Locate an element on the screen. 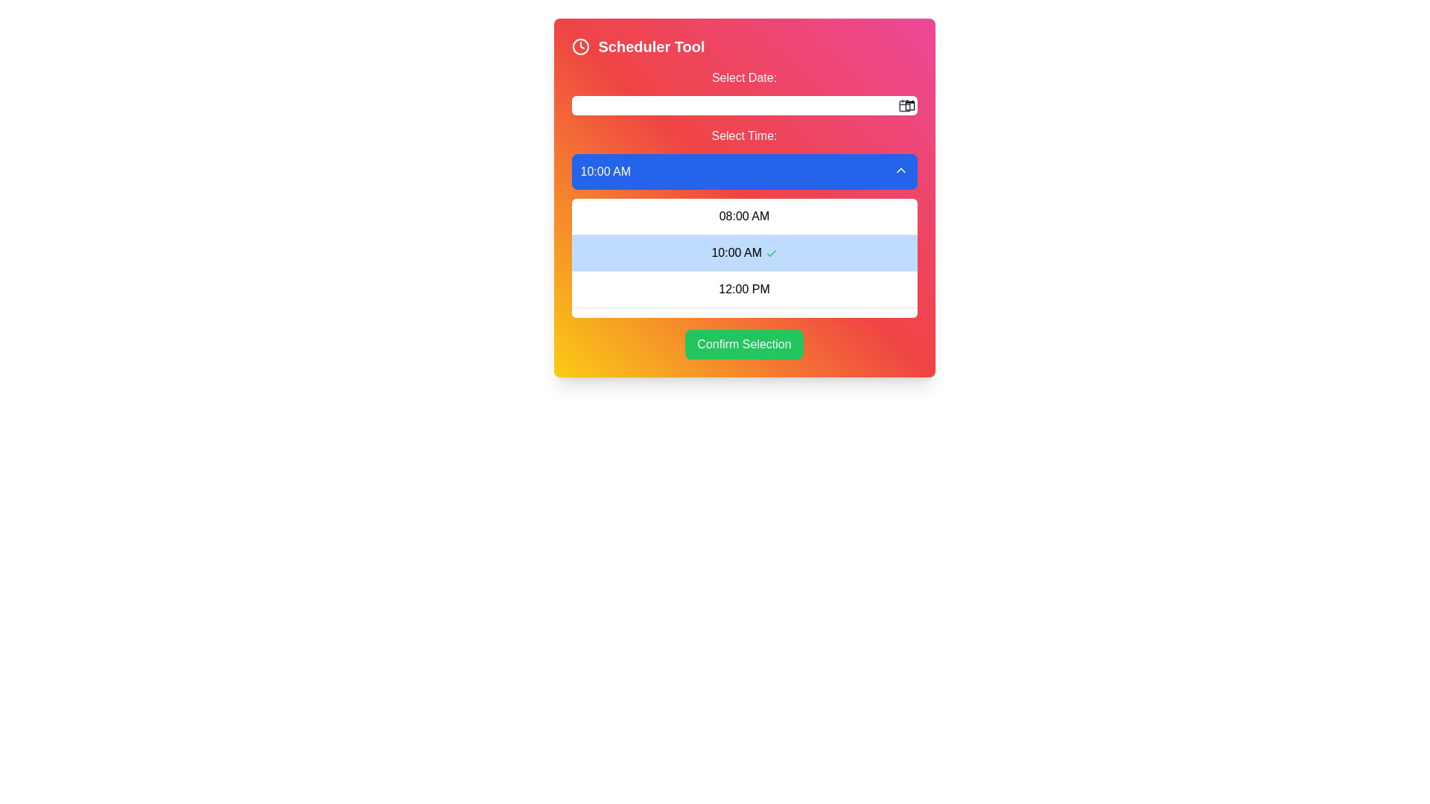 The height and width of the screenshot is (804, 1430). the green checkmark icon, which is an SVG element aligned to the right of the '10:00 AM' time display in the list item is located at coordinates (771, 252).